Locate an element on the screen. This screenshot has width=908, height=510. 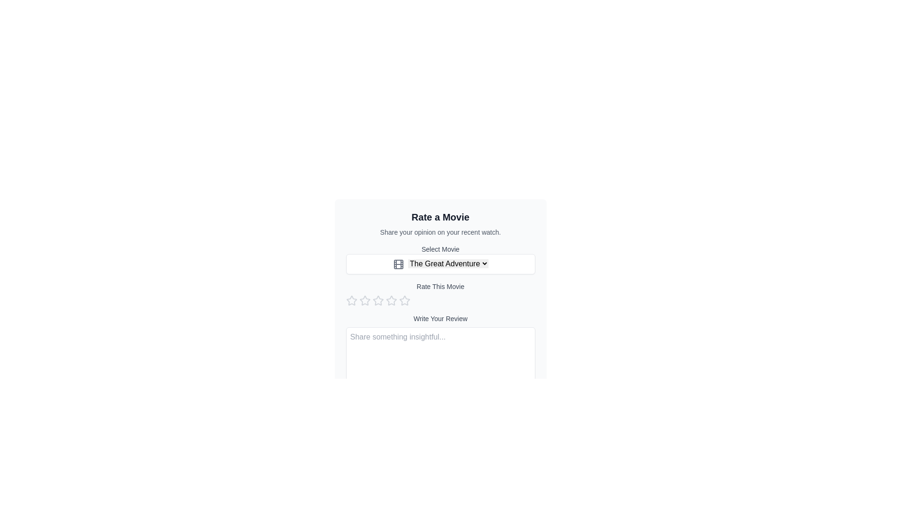
the Dropdown menu labeled 'The Great Adventure' by tabbing to it, which is visually indicated by a film icon and a dropdown indicator, located centrally below the 'Select Movie' label is located at coordinates (440, 264).